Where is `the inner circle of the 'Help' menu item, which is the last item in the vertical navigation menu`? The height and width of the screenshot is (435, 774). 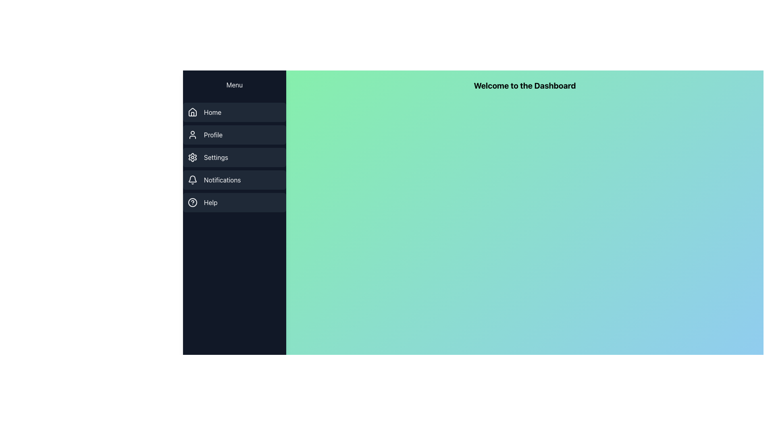
the inner circle of the 'Help' menu item, which is the last item in the vertical navigation menu is located at coordinates (192, 202).